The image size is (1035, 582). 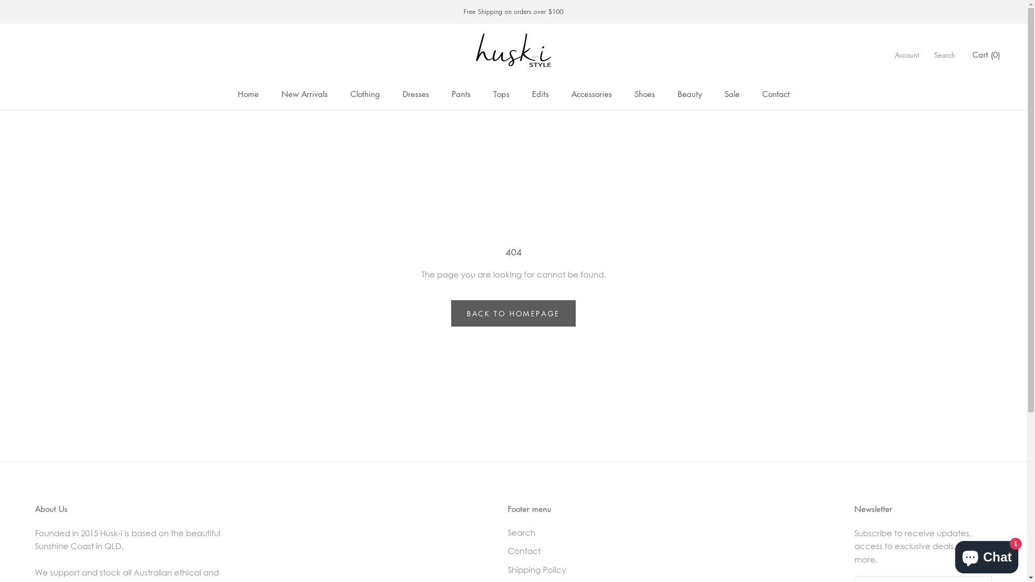 What do you see at coordinates (247, 93) in the screenshot?
I see `'Home` at bounding box center [247, 93].